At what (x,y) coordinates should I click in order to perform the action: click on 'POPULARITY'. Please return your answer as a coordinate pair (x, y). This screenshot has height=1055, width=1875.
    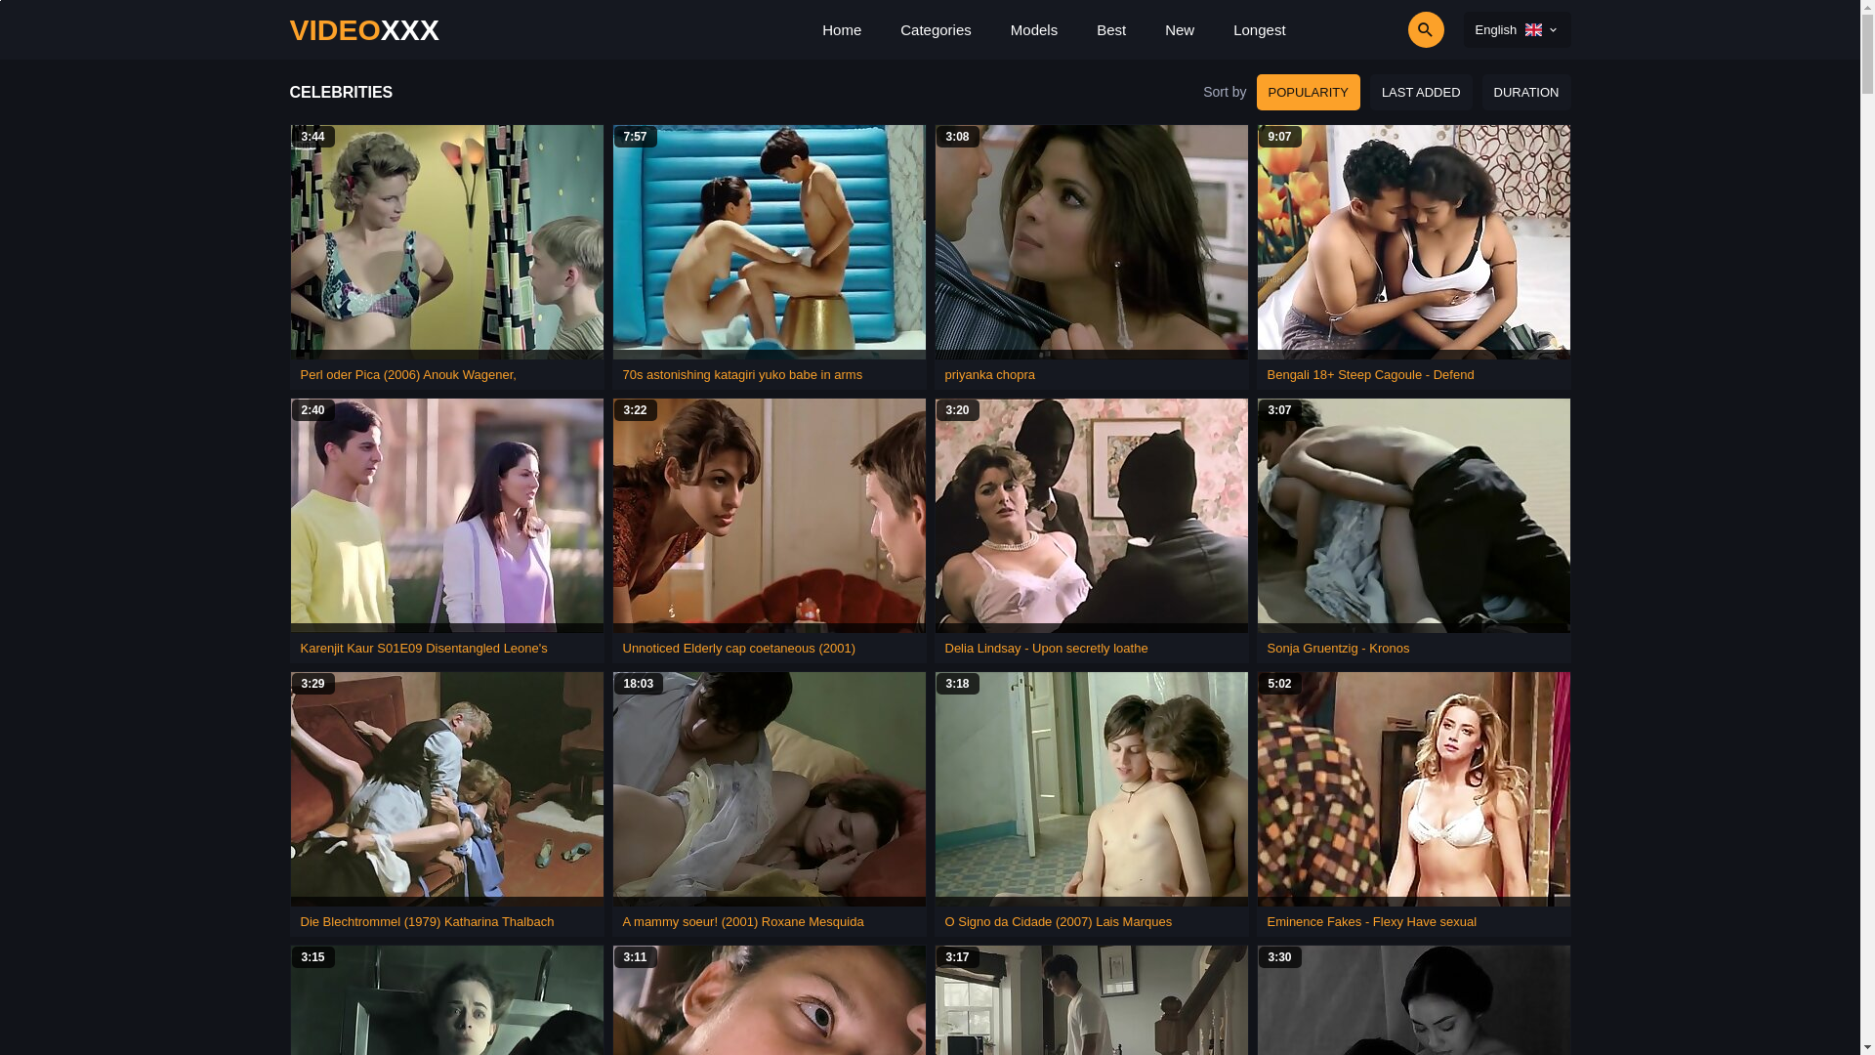
    Looking at the image, I should click on (1308, 92).